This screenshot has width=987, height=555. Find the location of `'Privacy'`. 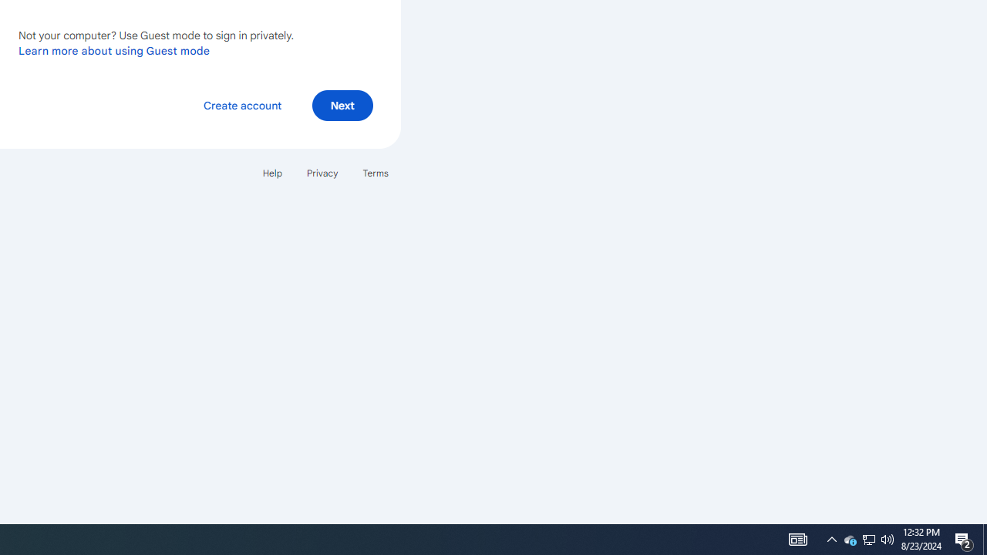

'Privacy' is located at coordinates (321, 173).